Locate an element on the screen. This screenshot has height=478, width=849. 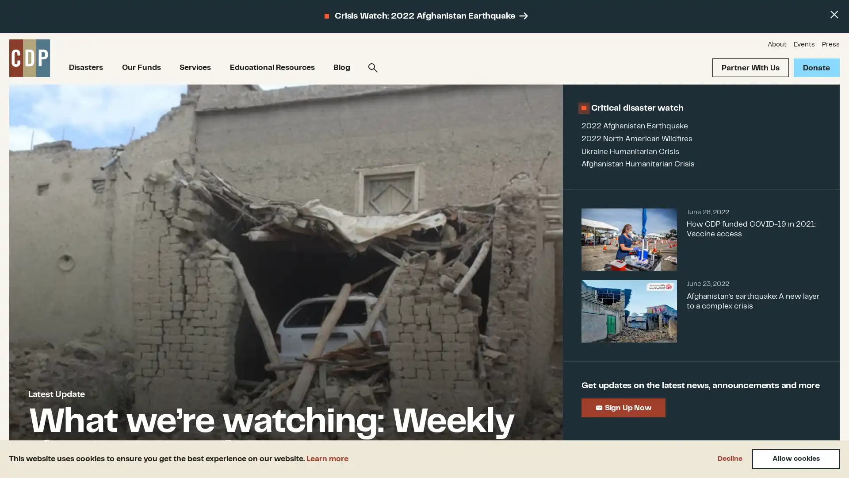
deny cookies is located at coordinates (730, 459).